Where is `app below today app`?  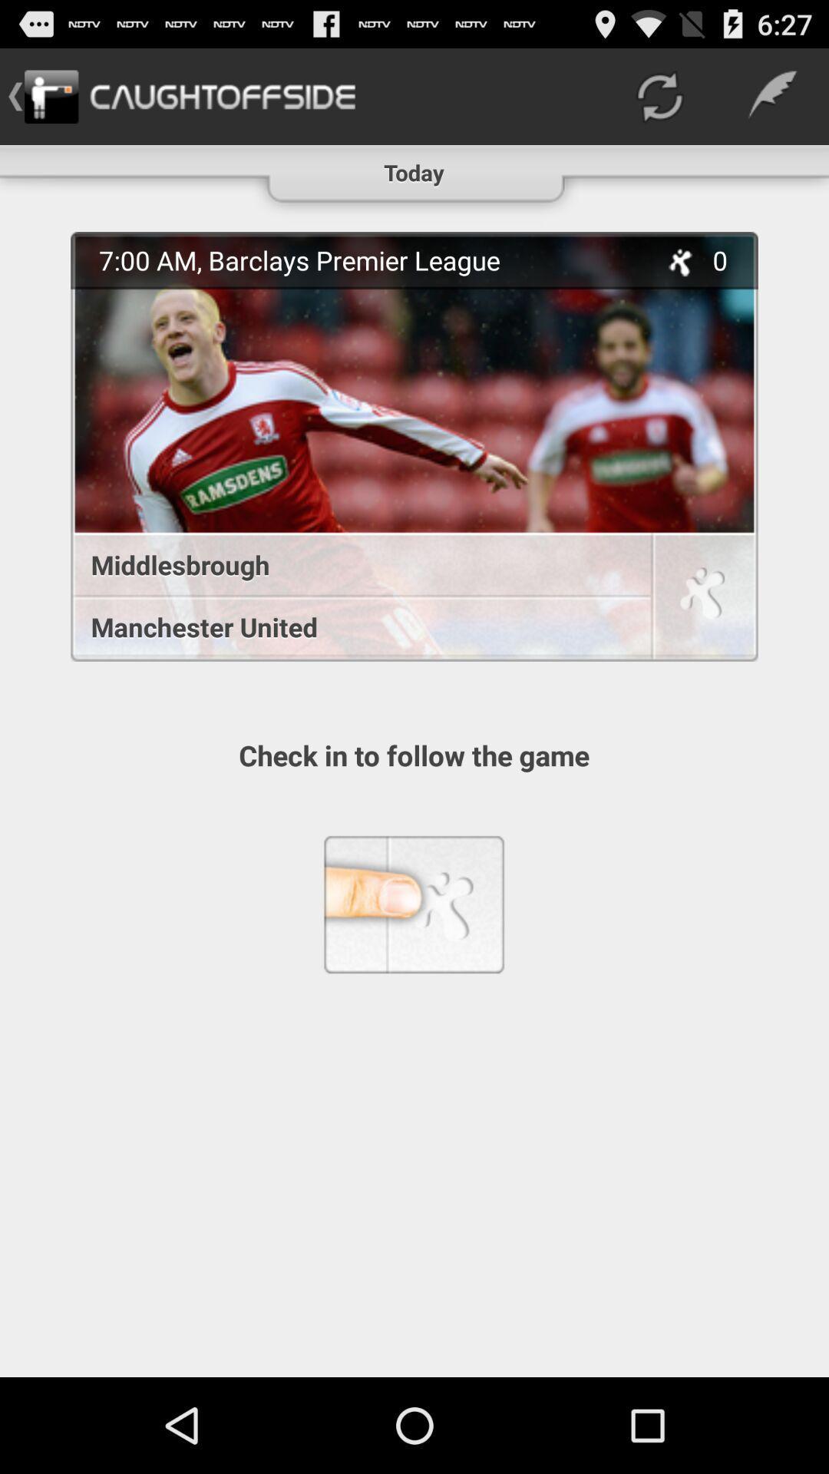
app below today app is located at coordinates (369, 260).